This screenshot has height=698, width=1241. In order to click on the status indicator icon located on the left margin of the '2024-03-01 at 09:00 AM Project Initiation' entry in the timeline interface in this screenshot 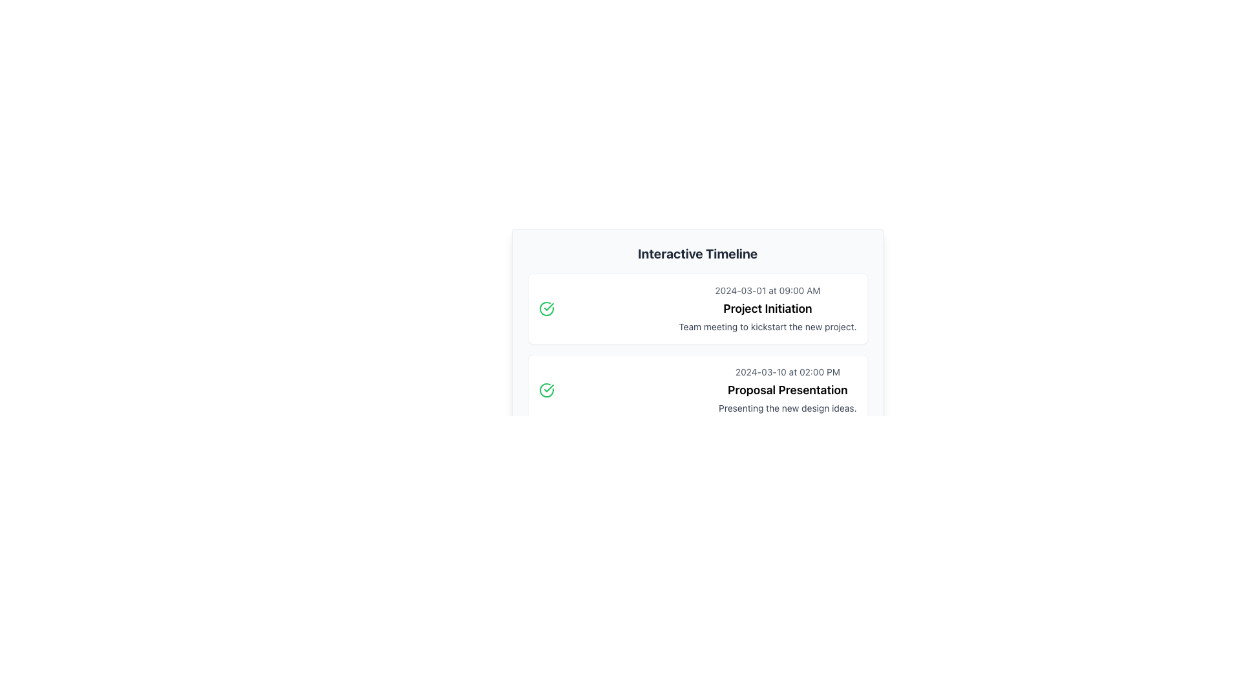, I will do `click(546, 390)`.